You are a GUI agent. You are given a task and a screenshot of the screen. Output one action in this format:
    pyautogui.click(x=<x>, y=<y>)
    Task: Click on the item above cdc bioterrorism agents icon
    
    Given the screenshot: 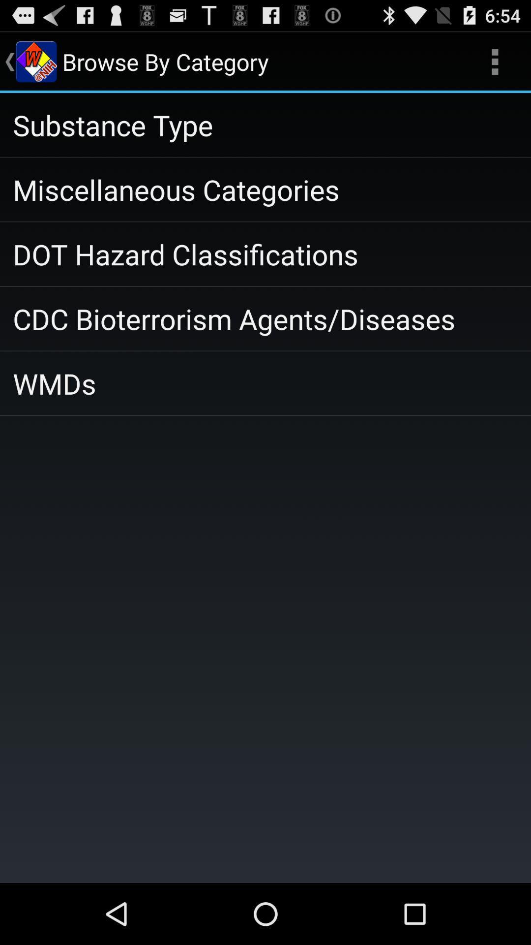 What is the action you would take?
    pyautogui.click(x=265, y=254)
    